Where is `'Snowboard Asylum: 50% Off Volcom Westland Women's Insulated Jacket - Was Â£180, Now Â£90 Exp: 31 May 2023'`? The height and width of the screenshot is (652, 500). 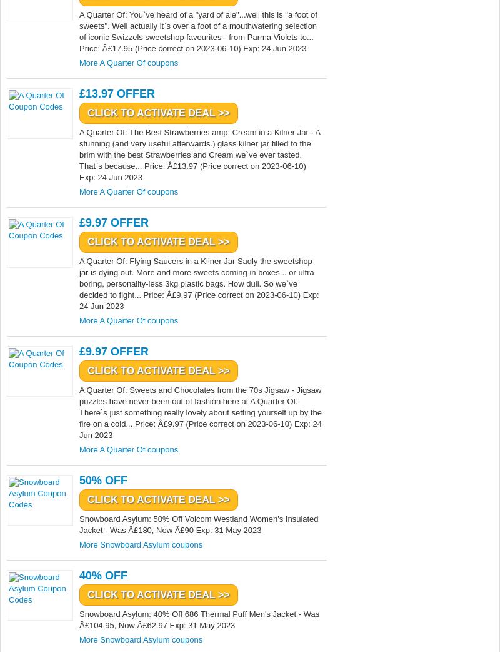
'Snowboard Asylum: 50% Off Volcom Westland Women's Insulated Jacket - Was Â£180, Now Â£90 Exp: 31 May 2023' is located at coordinates (198, 524).